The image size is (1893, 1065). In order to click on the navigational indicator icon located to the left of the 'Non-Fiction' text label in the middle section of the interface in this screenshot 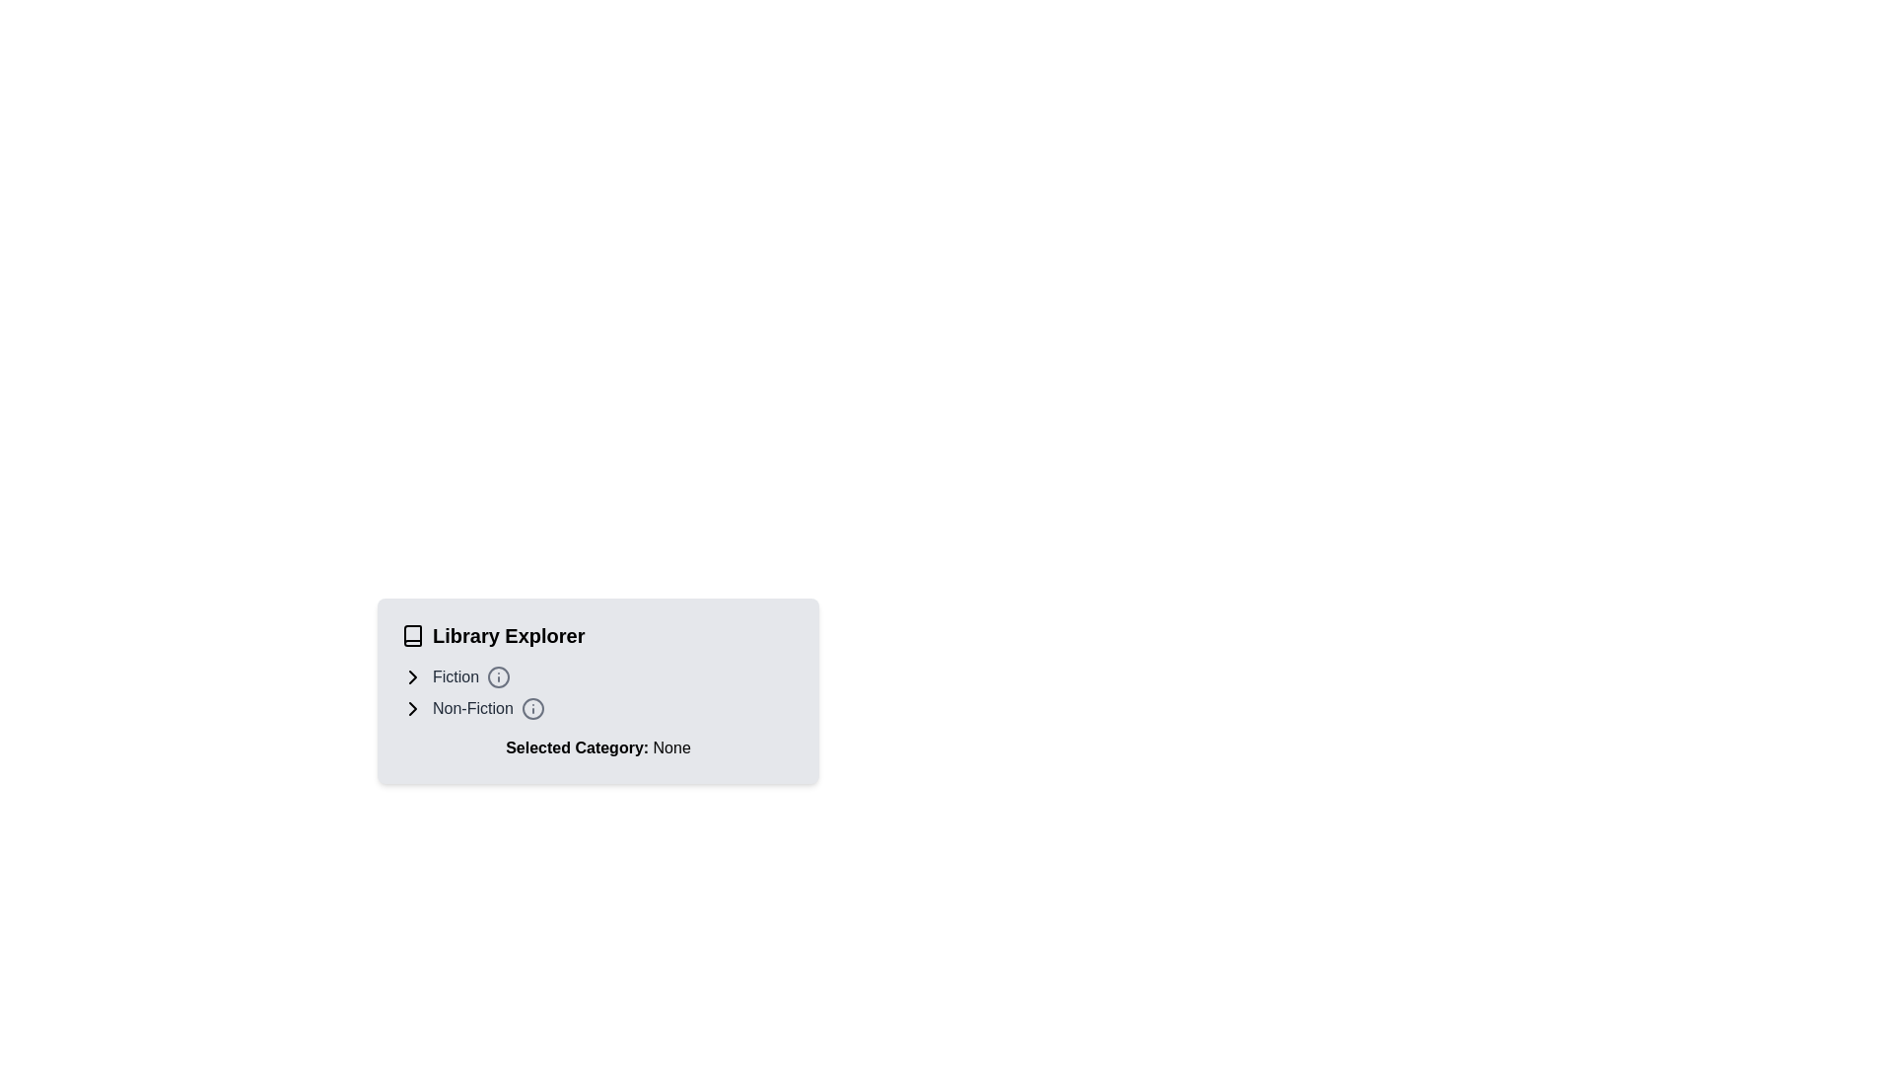, I will do `click(411, 707)`.